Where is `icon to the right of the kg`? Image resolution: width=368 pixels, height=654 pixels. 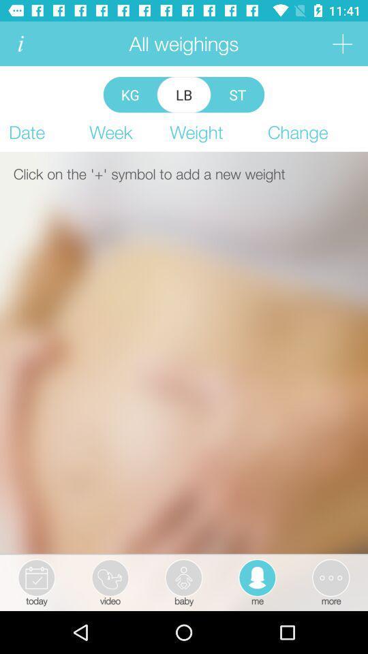
icon to the right of the kg is located at coordinates (184, 94).